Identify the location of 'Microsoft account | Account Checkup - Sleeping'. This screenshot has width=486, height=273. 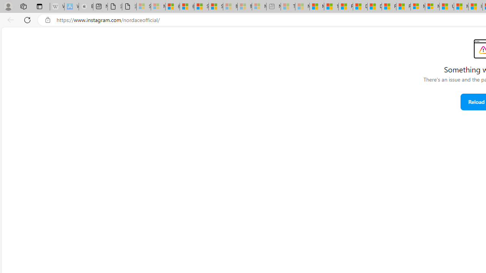
(259, 6).